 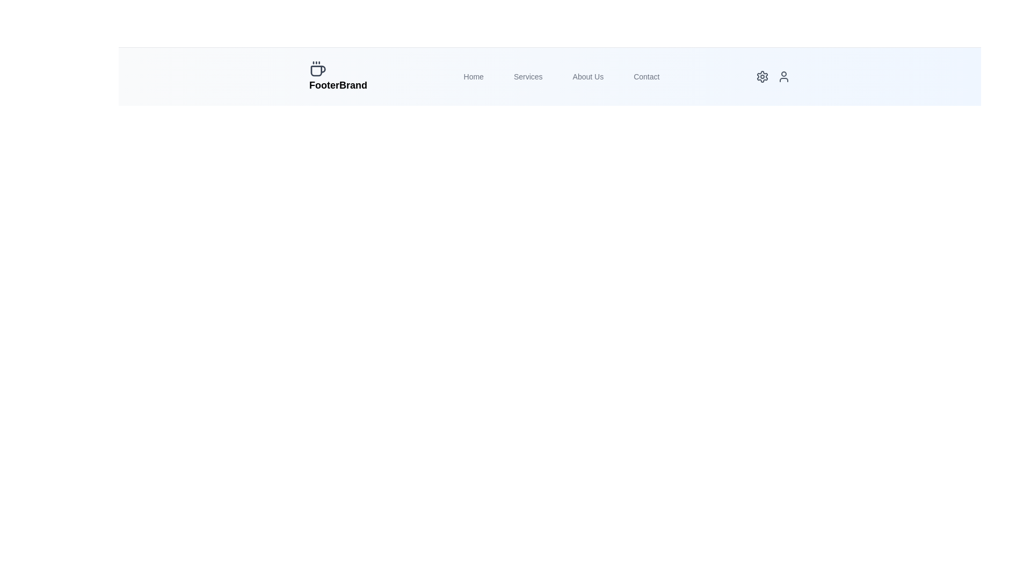 What do you see at coordinates (646, 76) in the screenshot?
I see `the 'Contact' link in the navigation bar` at bounding box center [646, 76].